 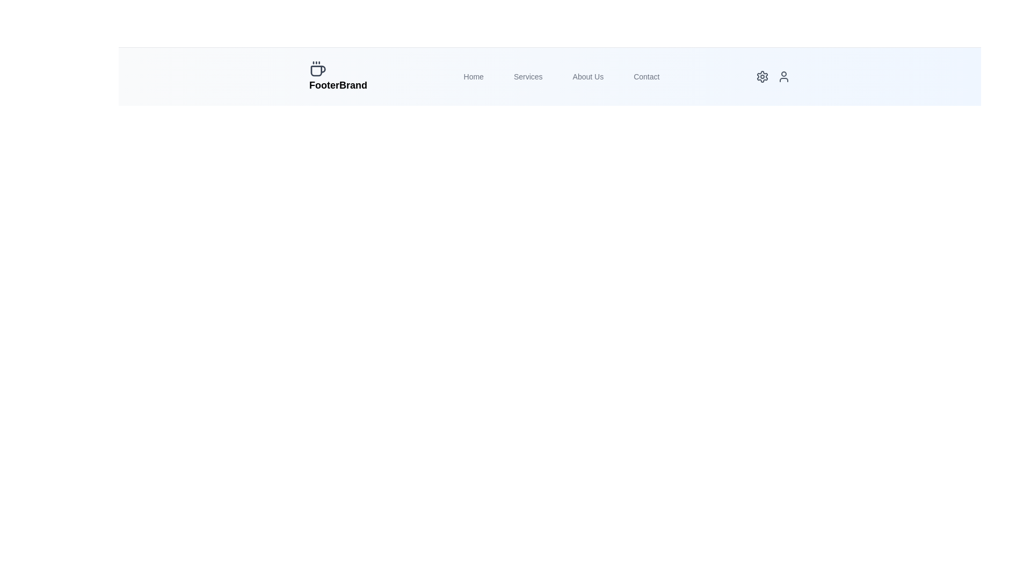 What do you see at coordinates (646, 76) in the screenshot?
I see `the 'Contact' link in the navigation bar` at bounding box center [646, 76].